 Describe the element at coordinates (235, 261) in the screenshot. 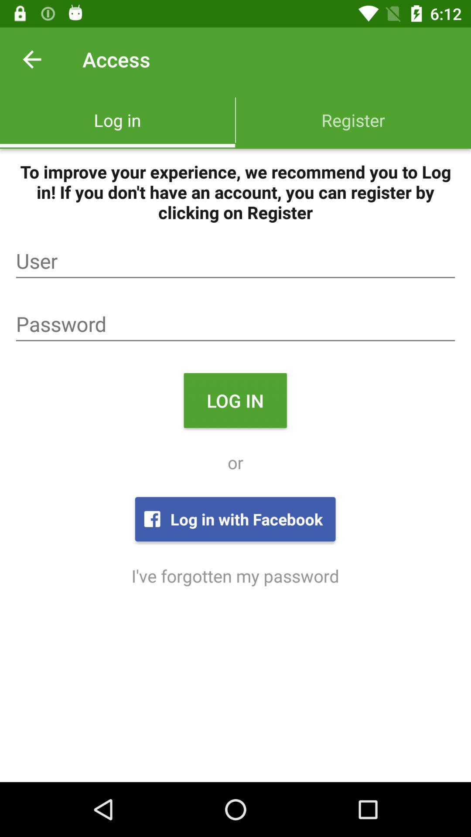

I see `the item below to improve your item` at that location.